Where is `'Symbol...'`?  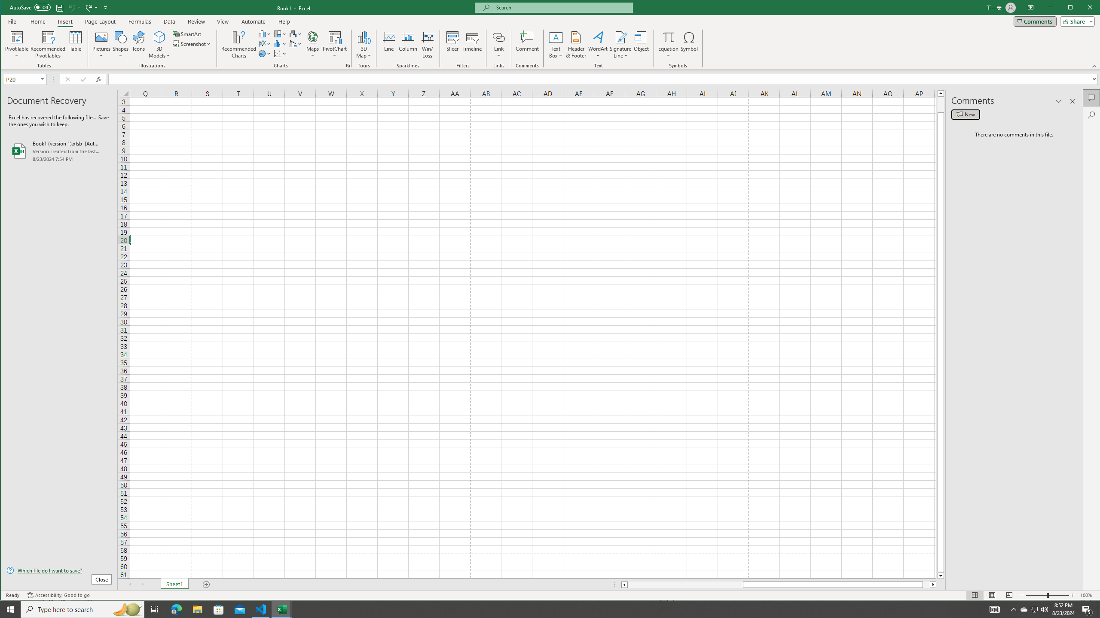
'Symbol...' is located at coordinates (690, 44).